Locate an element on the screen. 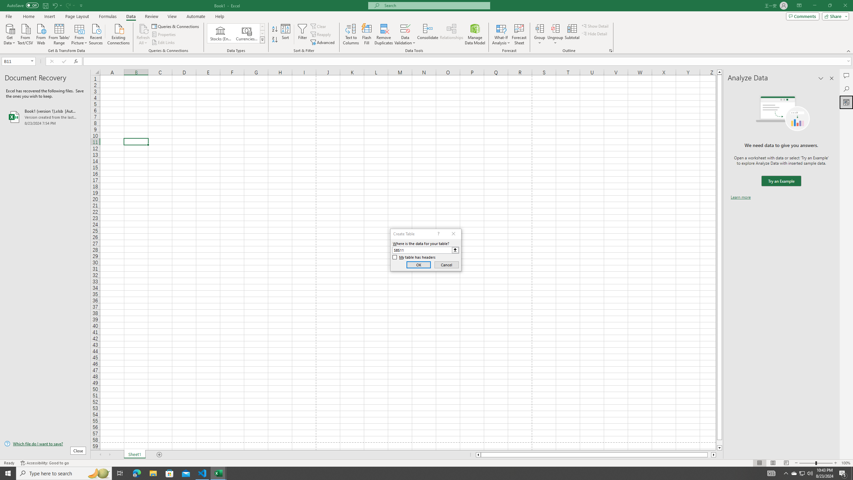 Image resolution: width=853 pixels, height=480 pixels. 'Sort...' is located at coordinates (285, 34).